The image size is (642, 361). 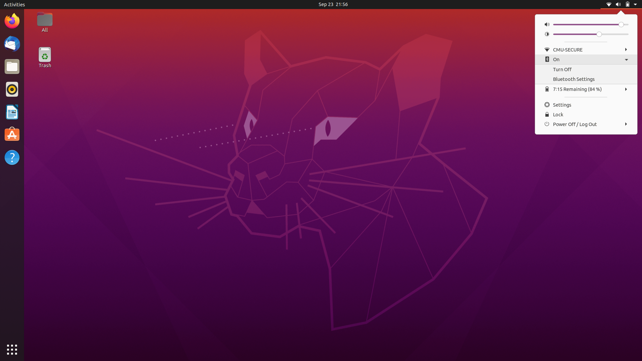 I want to click on the Audio Intensity, so click(x=555, y=24).